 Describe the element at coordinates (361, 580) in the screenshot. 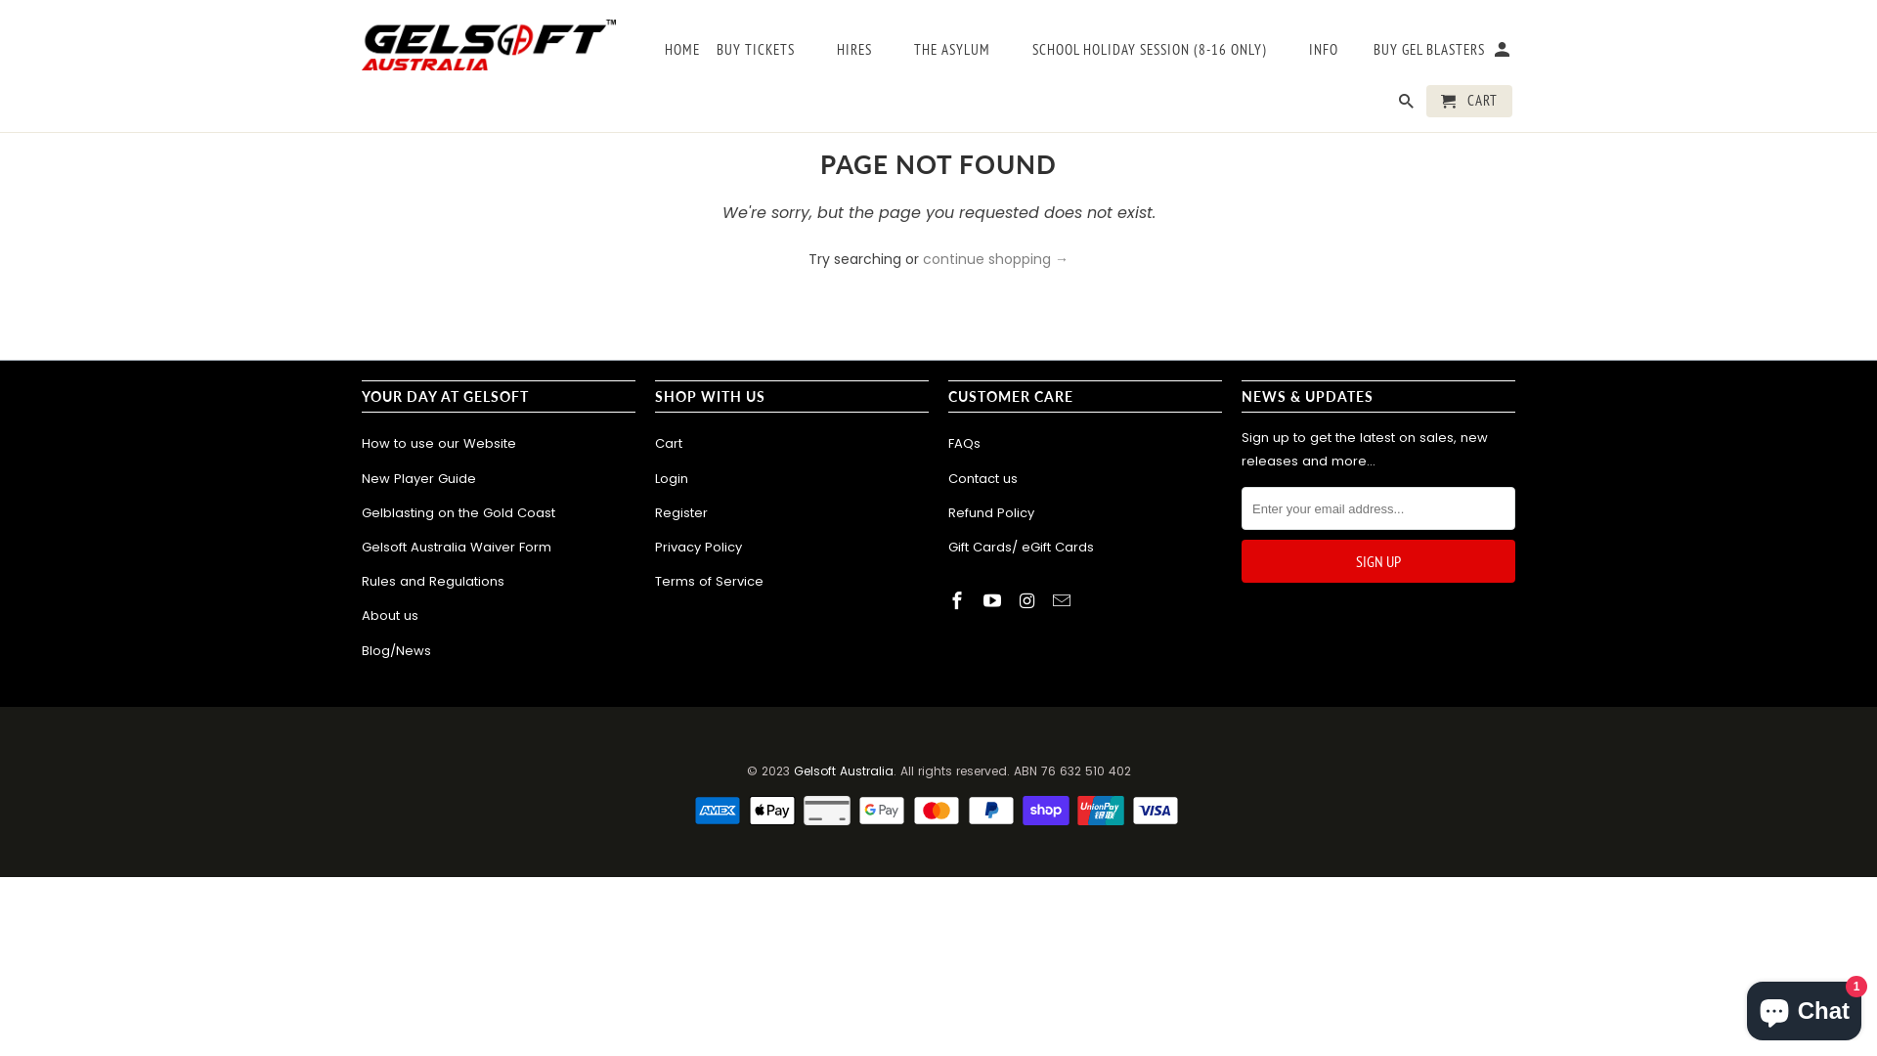

I see `'Rules and Regulations'` at that location.